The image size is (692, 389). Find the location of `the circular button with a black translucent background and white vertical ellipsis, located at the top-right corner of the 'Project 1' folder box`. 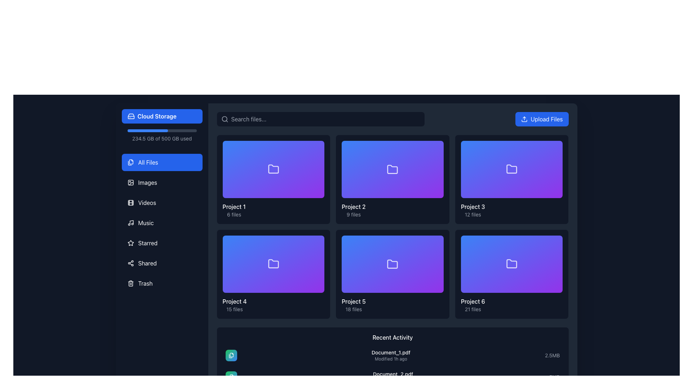

the circular button with a black translucent background and white vertical ellipsis, located at the top-right corner of the 'Project 1' folder box is located at coordinates (317, 148).